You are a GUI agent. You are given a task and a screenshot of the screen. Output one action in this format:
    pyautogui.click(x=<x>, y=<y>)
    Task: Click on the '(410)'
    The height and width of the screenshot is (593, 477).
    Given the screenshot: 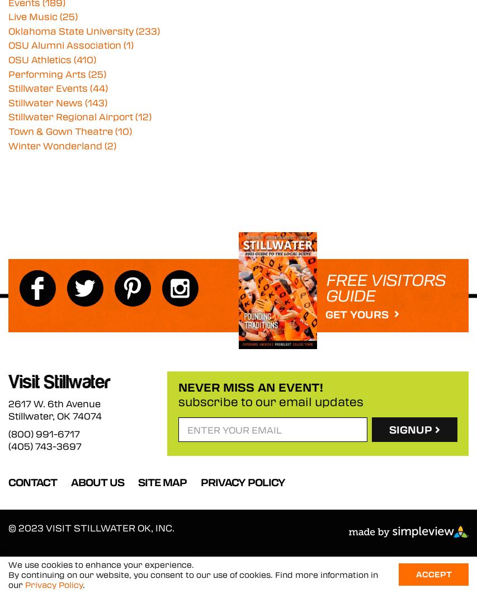 What is the action you would take?
    pyautogui.click(x=84, y=59)
    